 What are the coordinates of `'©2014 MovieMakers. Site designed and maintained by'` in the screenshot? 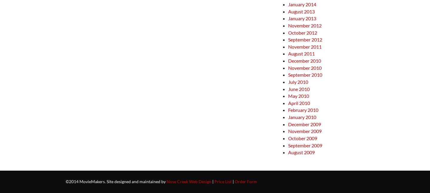 It's located at (116, 182).